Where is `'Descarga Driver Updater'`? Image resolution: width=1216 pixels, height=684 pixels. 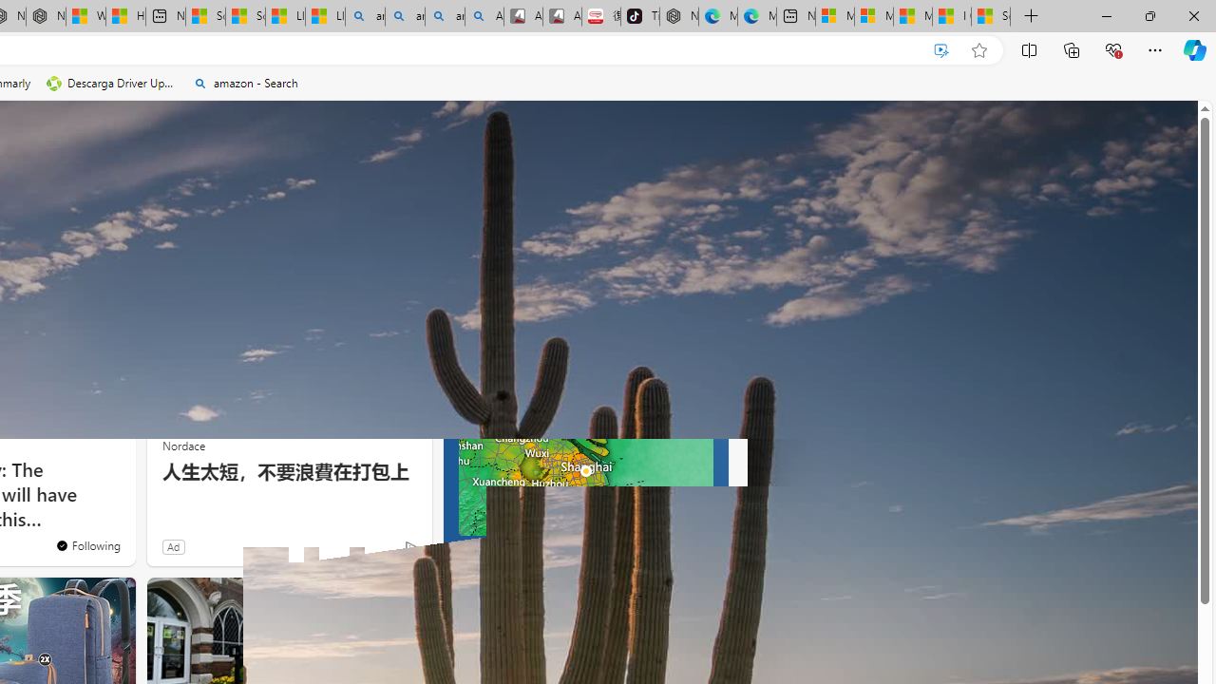
'Descarga Driver Updater' is located at coordinates (111, 83).